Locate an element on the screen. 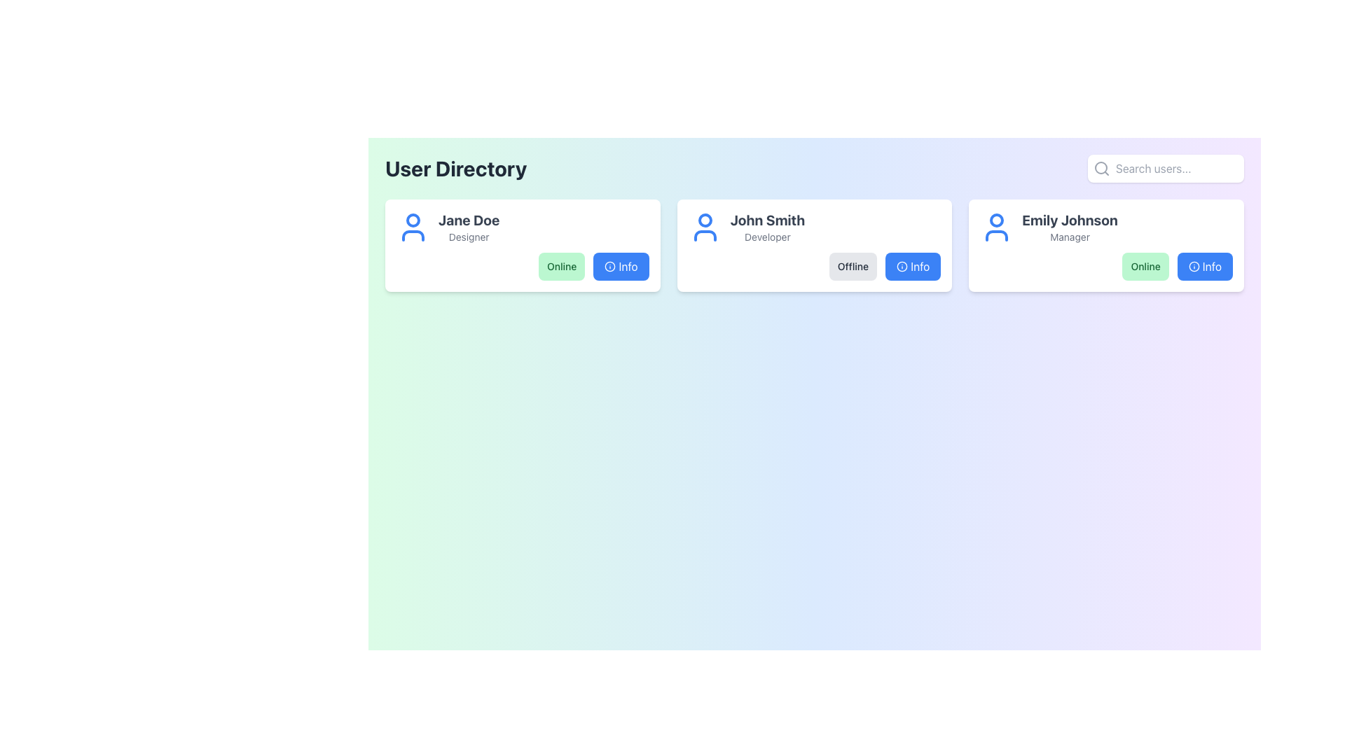  the text label displaying 'Developer', which is positioned below the bold text 'John Smith' in the profile card is located at coordinates (766, 237).